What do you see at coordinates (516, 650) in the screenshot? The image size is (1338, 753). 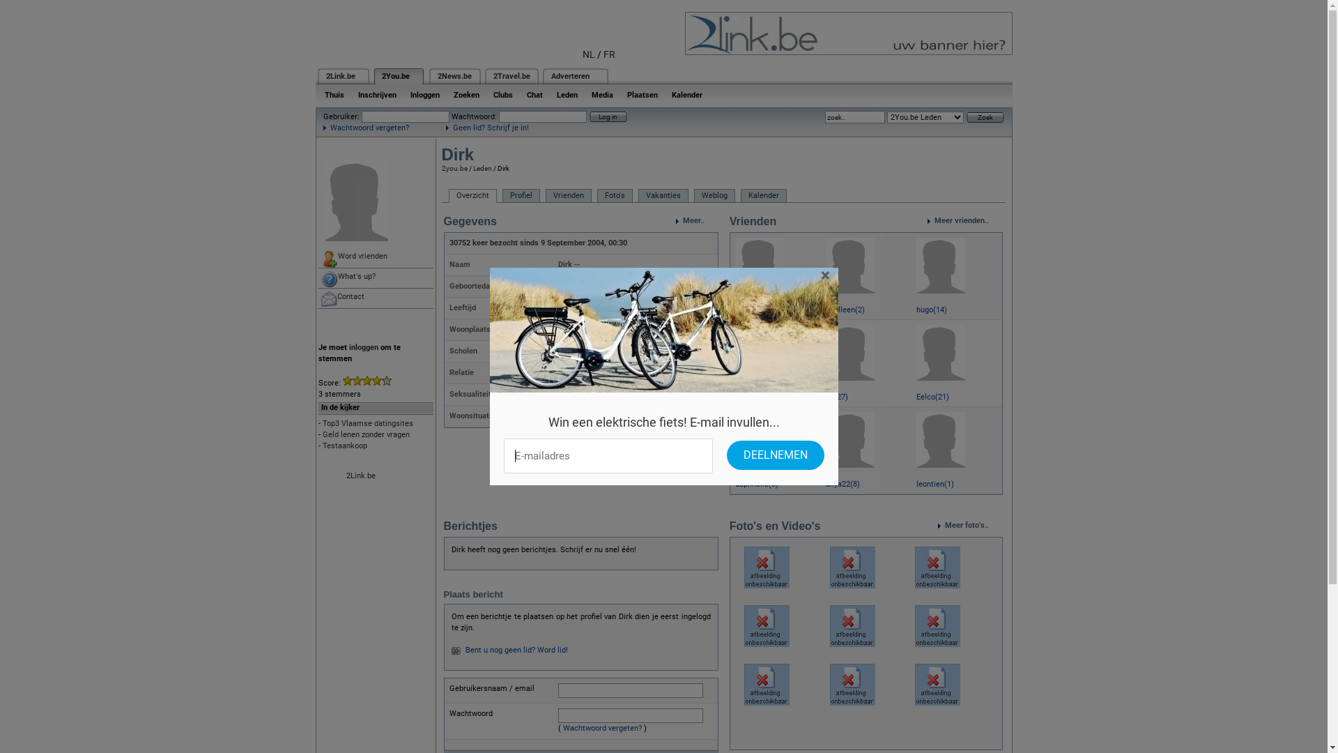 I see `'Bent u nog geen lid? Word lid!'` at bounding box center [516, 650].